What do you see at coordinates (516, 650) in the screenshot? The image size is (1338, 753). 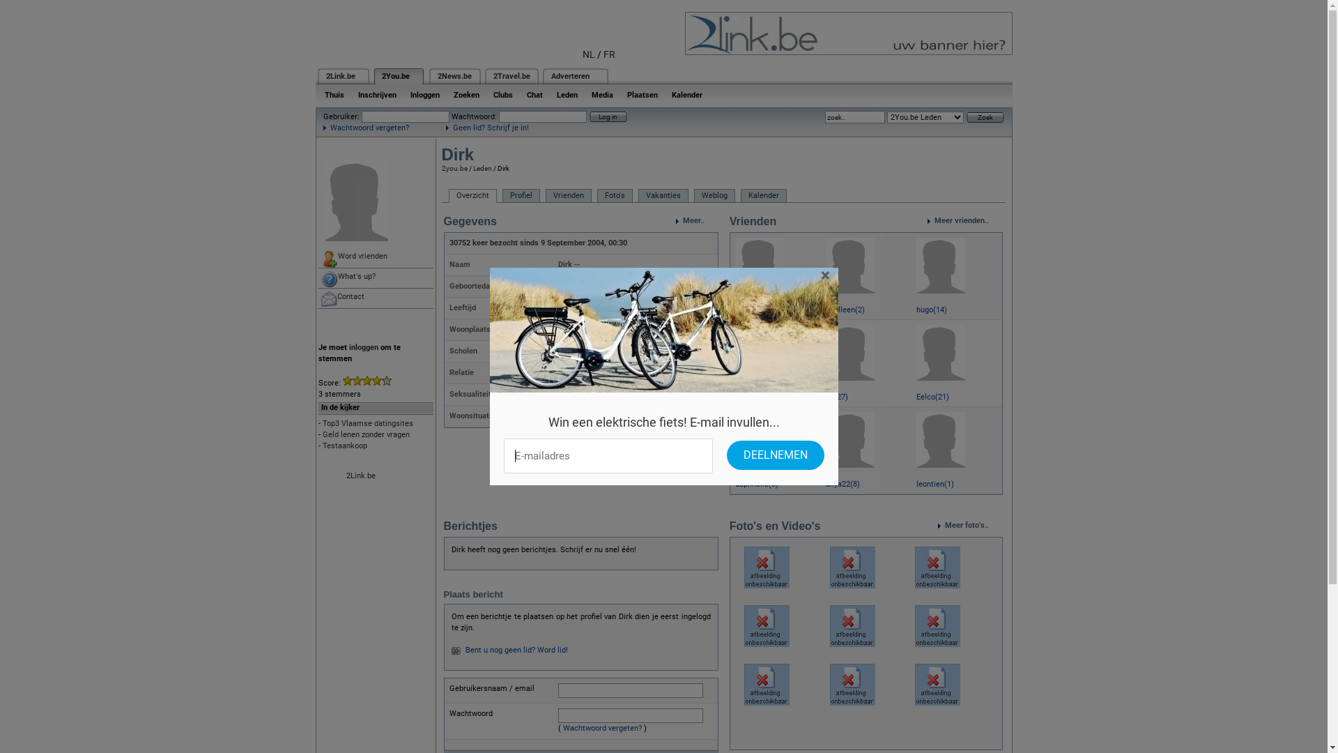 I see `'Bent u nog geen lid? Word lid!'` at bounding box center [516, 650].